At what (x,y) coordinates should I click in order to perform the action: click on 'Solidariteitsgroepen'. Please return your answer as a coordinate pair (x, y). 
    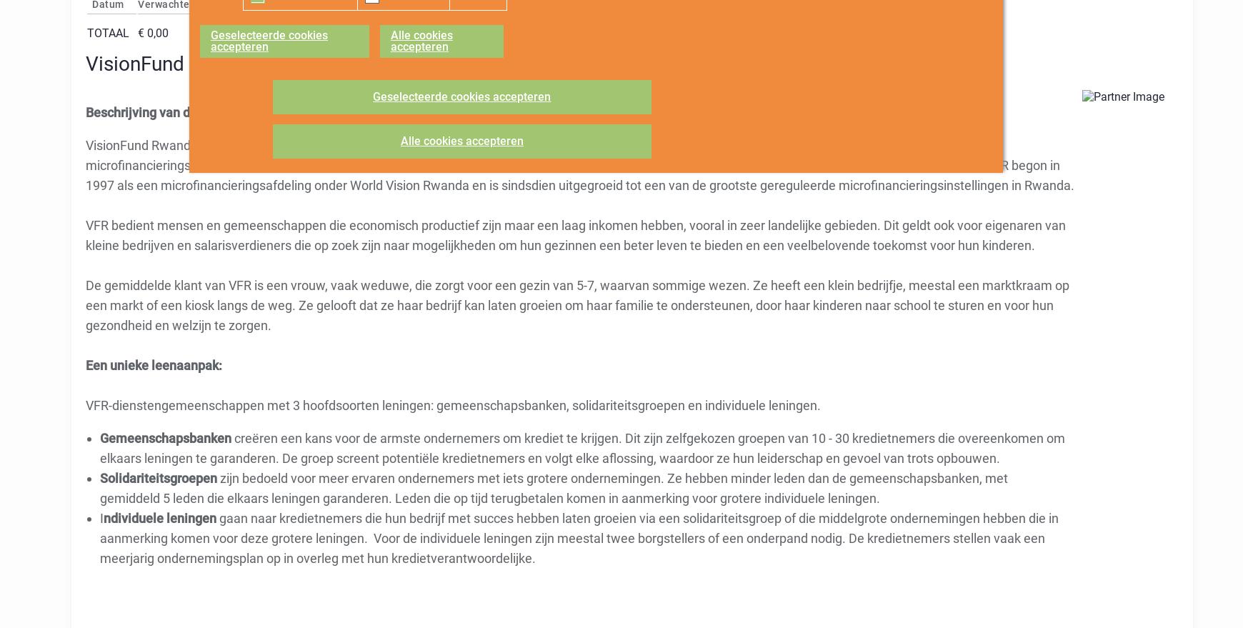
    Looking at the image, I should click on (159, 477).